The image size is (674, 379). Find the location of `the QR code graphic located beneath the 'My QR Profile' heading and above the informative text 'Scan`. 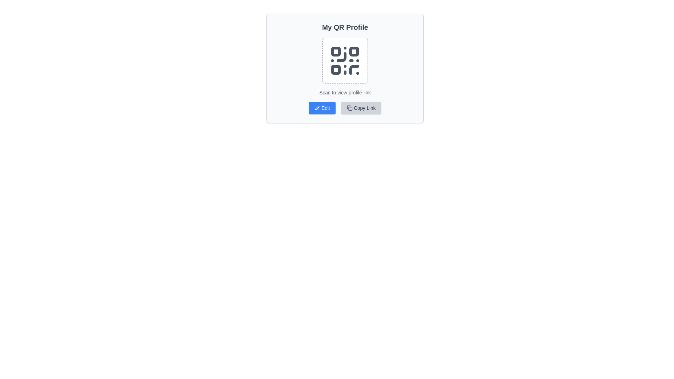

the QR code graphic located beneath the 'My QR Profile' heading and above the informative text 'Scan is located at coordinates (345, 60).